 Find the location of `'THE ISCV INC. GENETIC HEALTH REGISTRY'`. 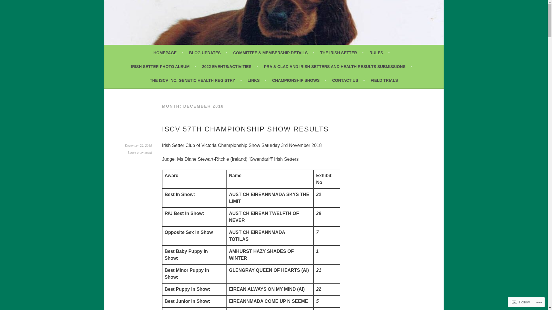

'THE ISCV INC. GENETIC HEALTH REGISTRY' is located at coordinates (196, 80).